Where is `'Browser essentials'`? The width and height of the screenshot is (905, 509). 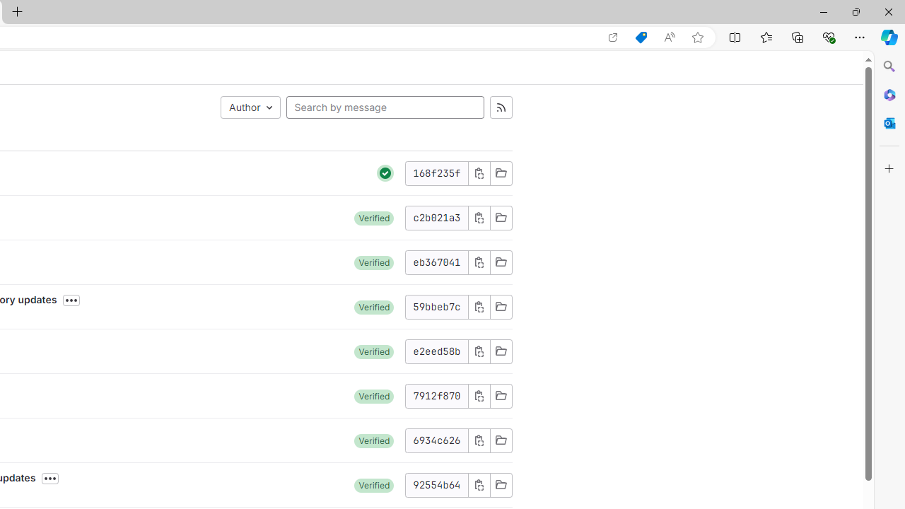
'Browser essentials' is located at coordinates (828, 36).